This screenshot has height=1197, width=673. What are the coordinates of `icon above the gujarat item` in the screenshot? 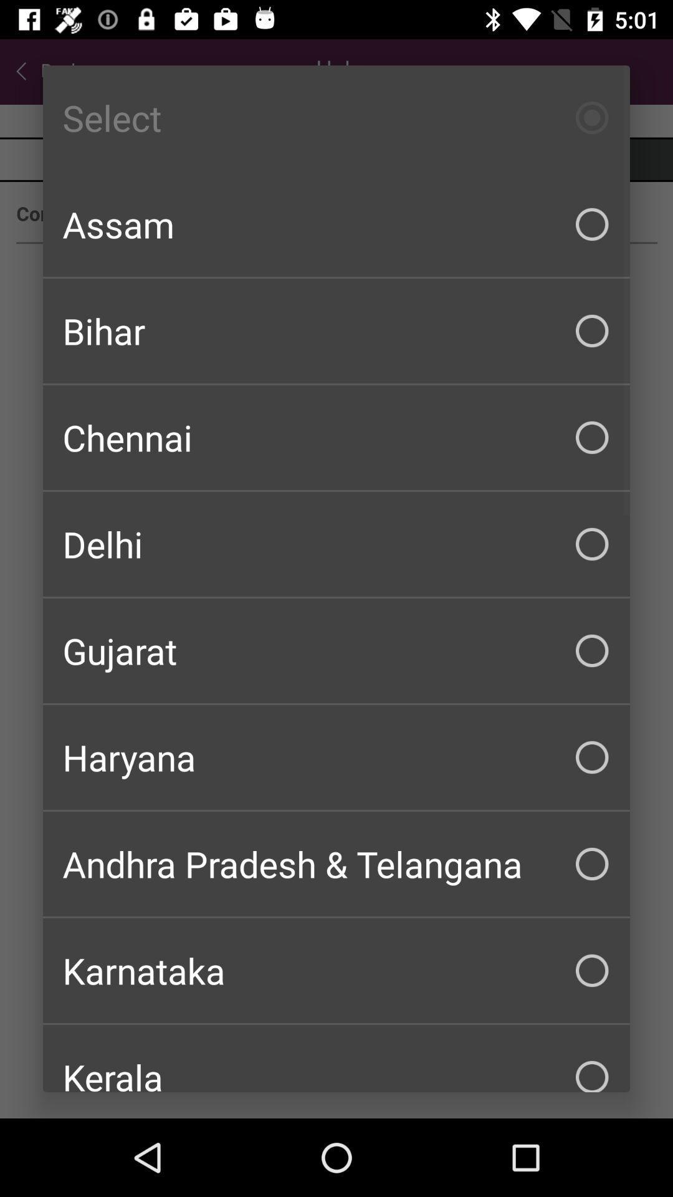 It's located at (336, 544).